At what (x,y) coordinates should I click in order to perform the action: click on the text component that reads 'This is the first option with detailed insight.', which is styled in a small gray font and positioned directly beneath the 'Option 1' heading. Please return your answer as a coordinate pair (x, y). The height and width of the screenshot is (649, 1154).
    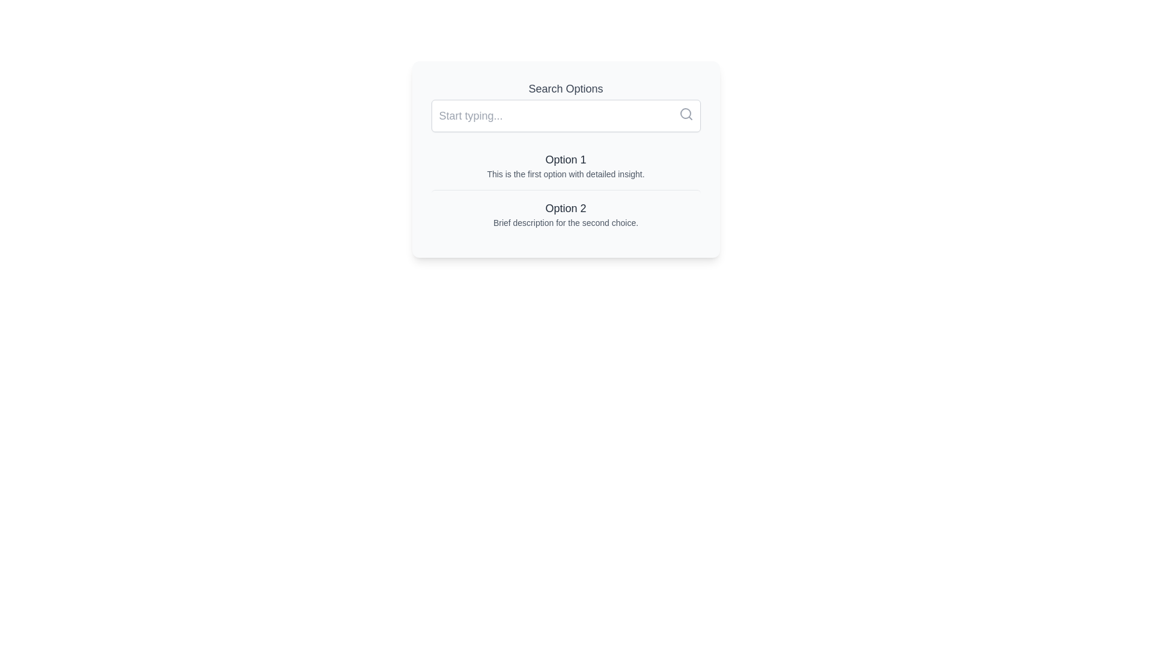
    Looking at the image, I should click on (565, 174).